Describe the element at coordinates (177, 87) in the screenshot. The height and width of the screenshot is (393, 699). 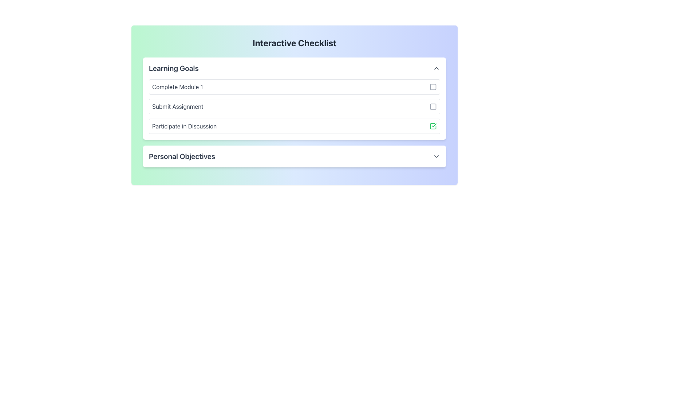
I see `the text label that indicates the completion of a specific module in the 'Learning Goals' section, positioned at the first position of a vertically aligned list` at that location.